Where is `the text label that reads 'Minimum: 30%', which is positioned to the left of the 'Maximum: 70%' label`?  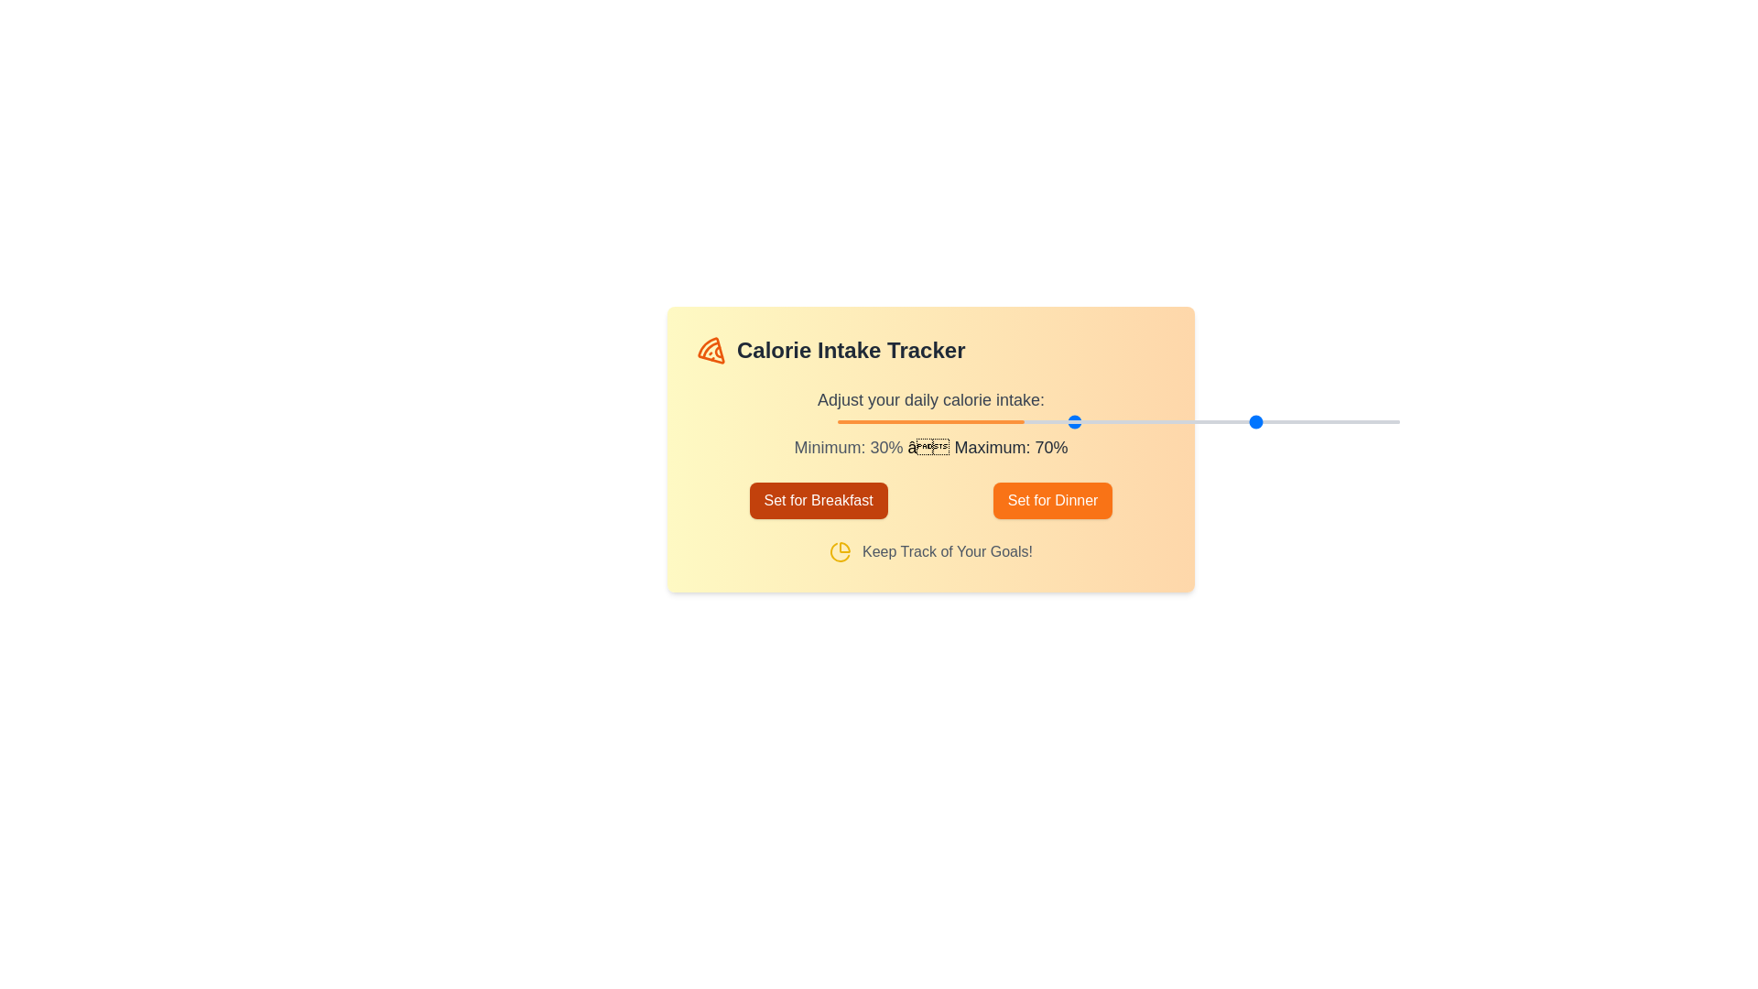 the text label that reads 'Minimum: 30%', which is positioned to the left of the 'Maximum: 70%' label is located at coordinates (847, 448).